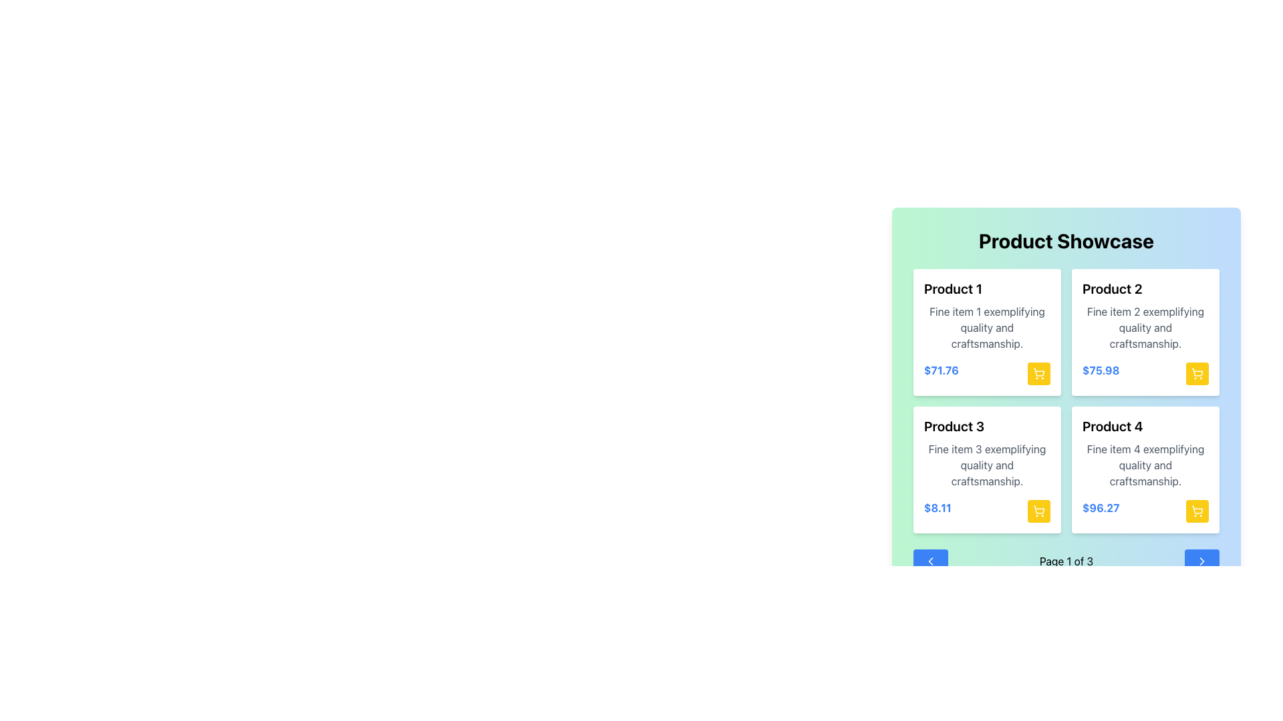 The image size is (1283, 721). I want to click on the 'Add to Cart' or 'Purchase' button located in the bottom-right corner of the 'Product 4' card to visualize the styling effect, so click(1197, 511).